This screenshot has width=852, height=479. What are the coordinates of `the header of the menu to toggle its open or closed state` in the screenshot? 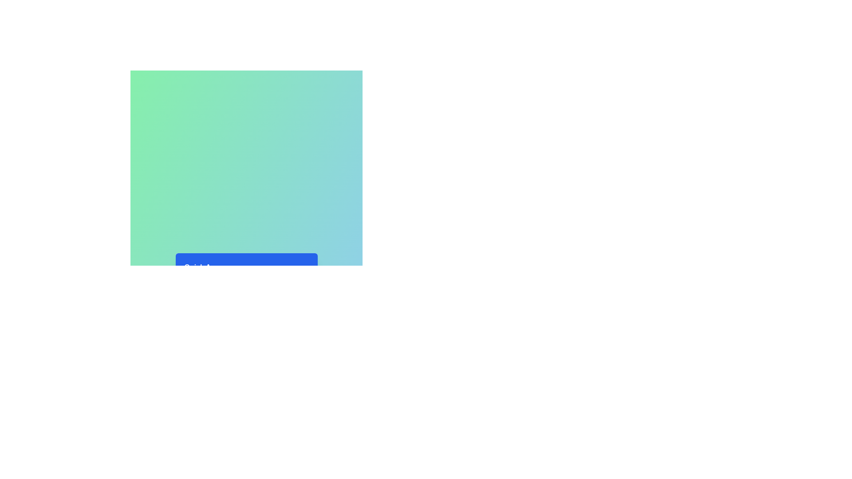 It's located at (246, 267).